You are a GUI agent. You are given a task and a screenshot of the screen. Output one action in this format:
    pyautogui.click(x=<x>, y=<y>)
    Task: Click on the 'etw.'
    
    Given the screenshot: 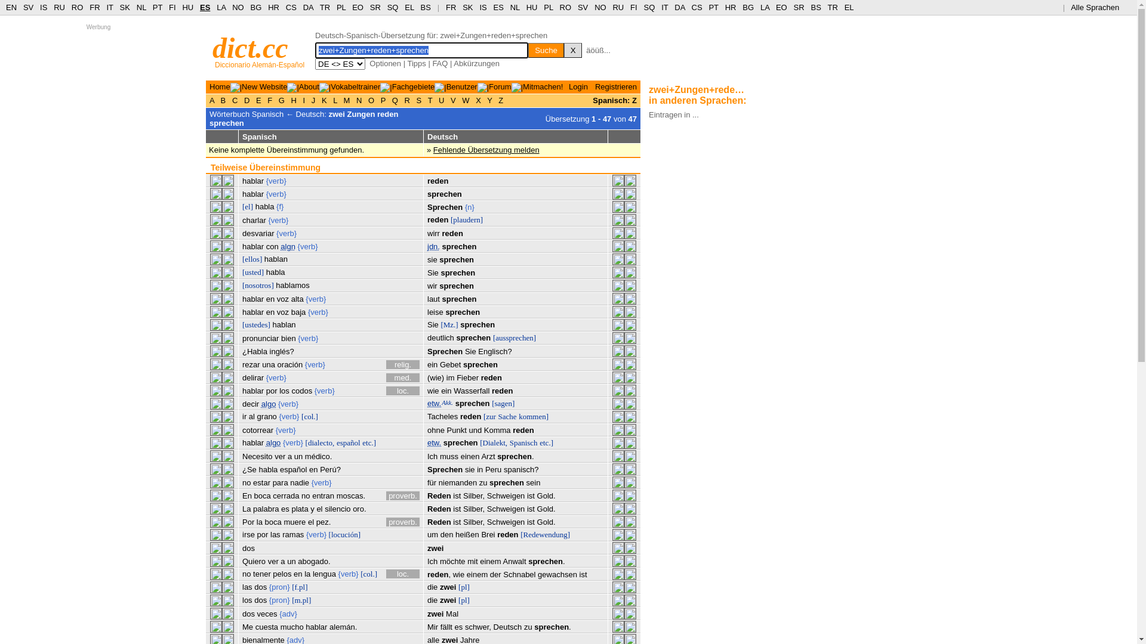 What is the action you would take?
    pyautogui.click(x=433, y=442)
    